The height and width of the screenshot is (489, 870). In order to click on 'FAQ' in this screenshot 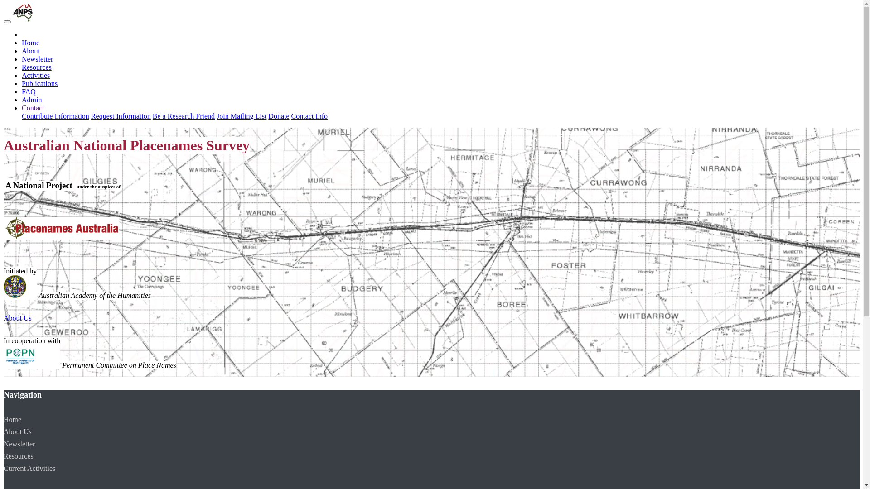, I will do `click(29, 91)`.